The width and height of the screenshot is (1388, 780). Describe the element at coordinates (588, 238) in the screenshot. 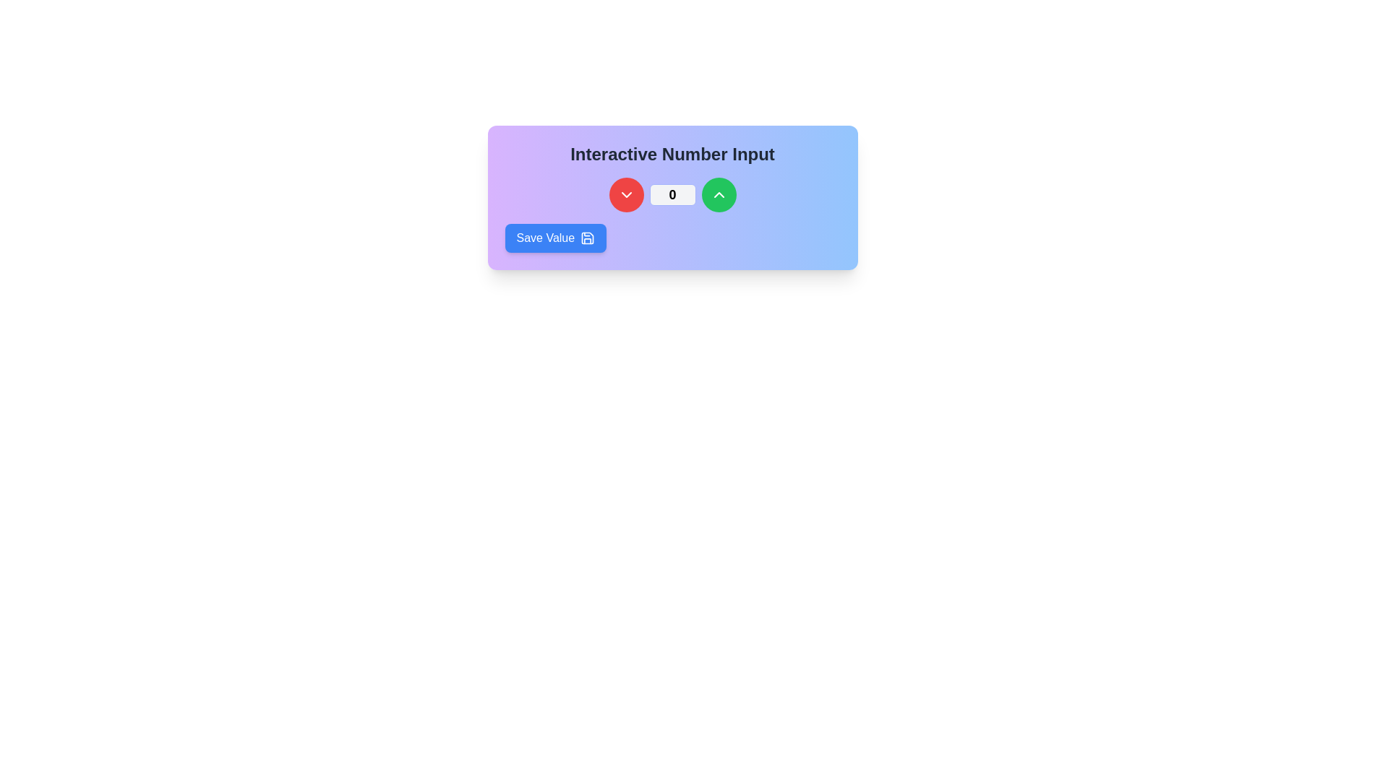

I see `the save icon, which resembles a traditional floppy disk, located to the right of the 'Save Value' text in the button` at that location.